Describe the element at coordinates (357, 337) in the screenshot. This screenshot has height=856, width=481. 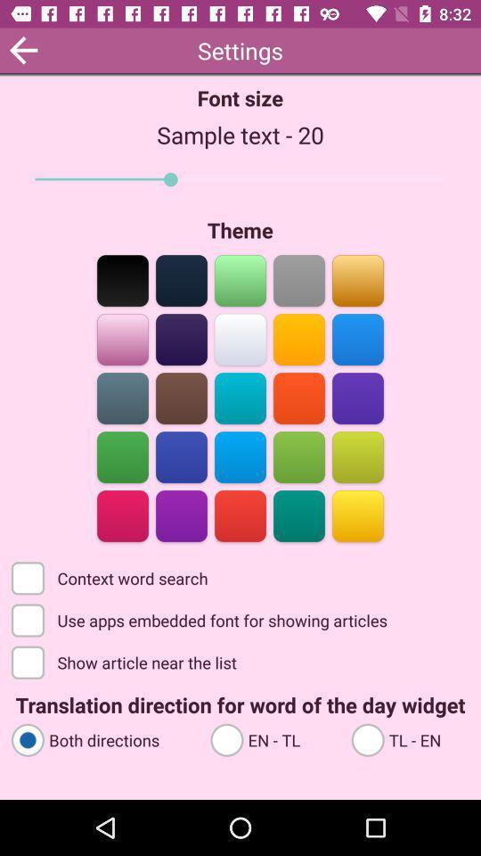
I see `change theme to blue` at that location.